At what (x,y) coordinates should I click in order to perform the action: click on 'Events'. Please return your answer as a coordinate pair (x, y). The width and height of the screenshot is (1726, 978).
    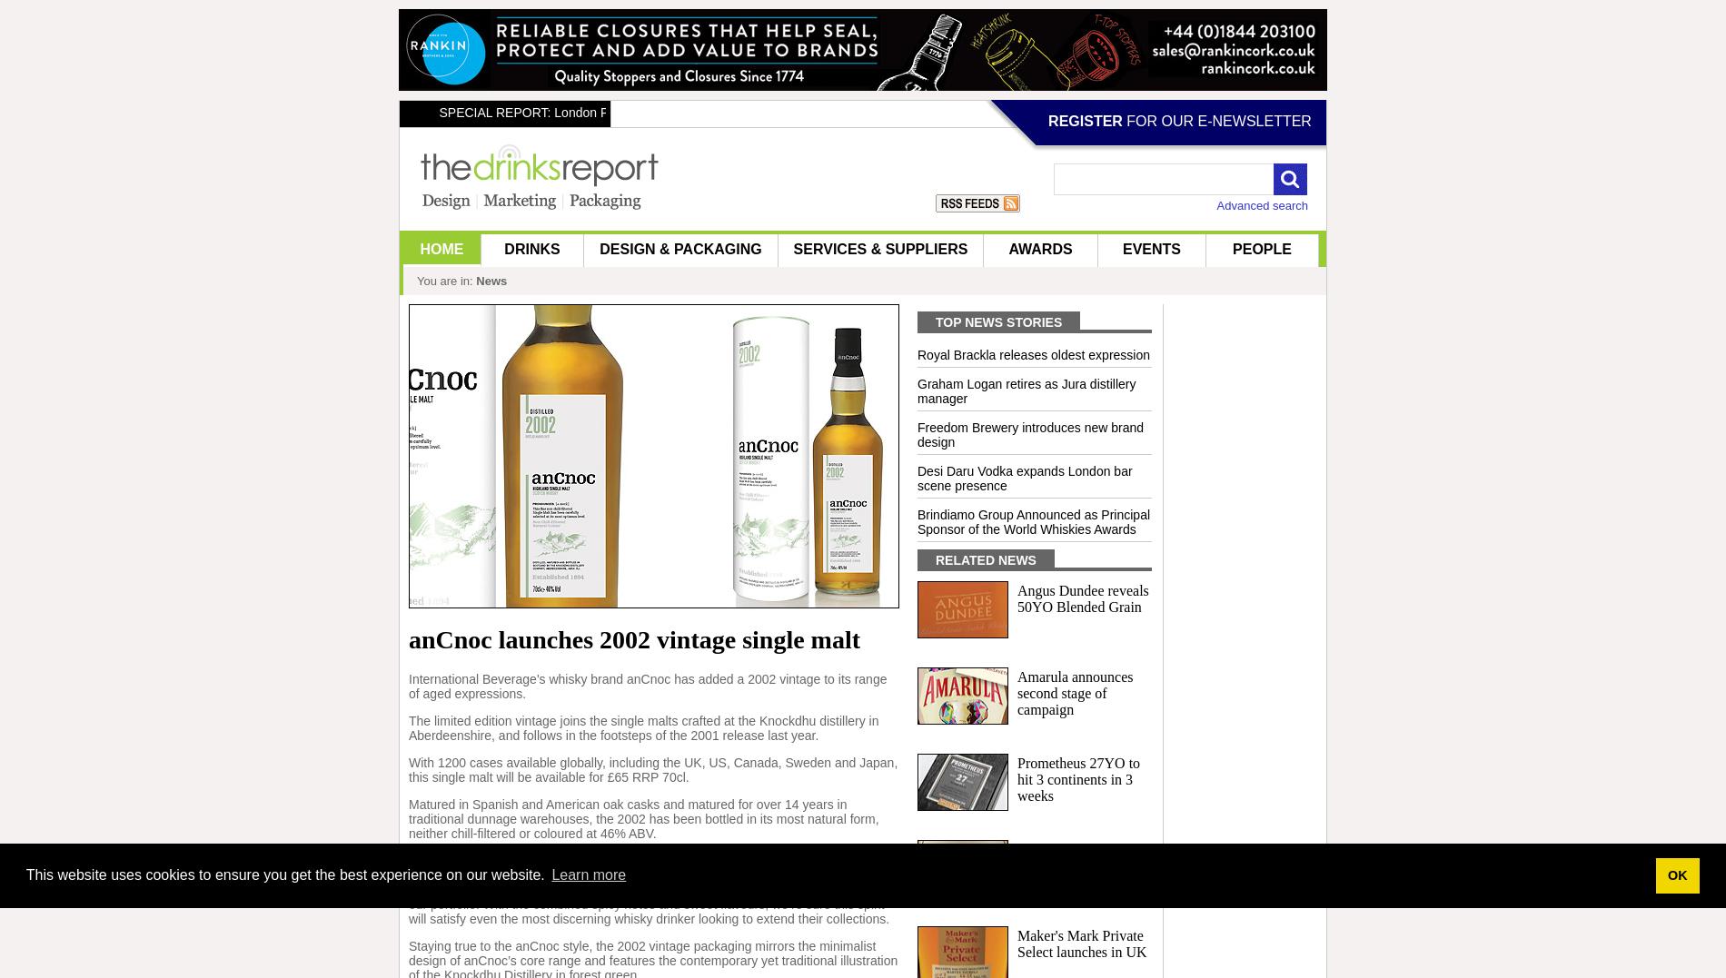
    Looking at the image, I should click on (1121, 248).